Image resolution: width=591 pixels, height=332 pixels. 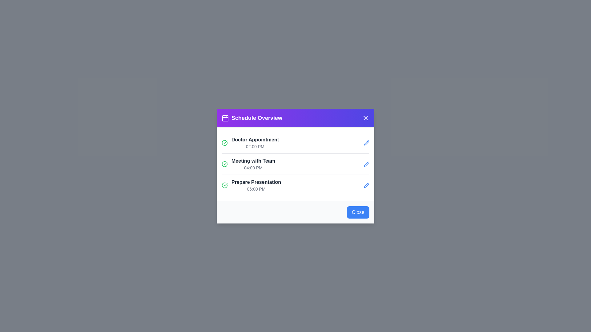 I want to click on the small white 'X' icon button within the purple rectangle located at the top-right corner of the 'Schedule Overview' header, so click(x=366, y=118).